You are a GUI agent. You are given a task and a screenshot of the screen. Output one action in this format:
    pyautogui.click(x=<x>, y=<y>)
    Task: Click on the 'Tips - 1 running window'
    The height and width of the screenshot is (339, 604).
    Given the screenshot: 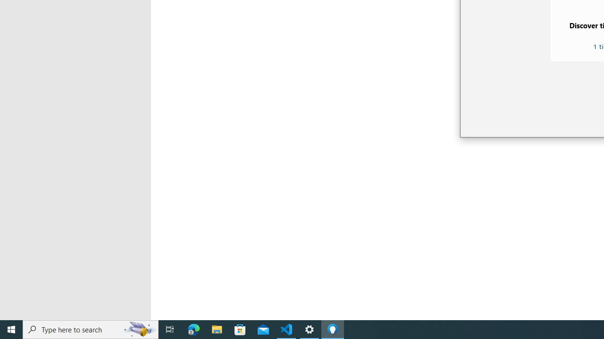 What is the action you would take?
    pyautogui.click(x=333, y=329)
    